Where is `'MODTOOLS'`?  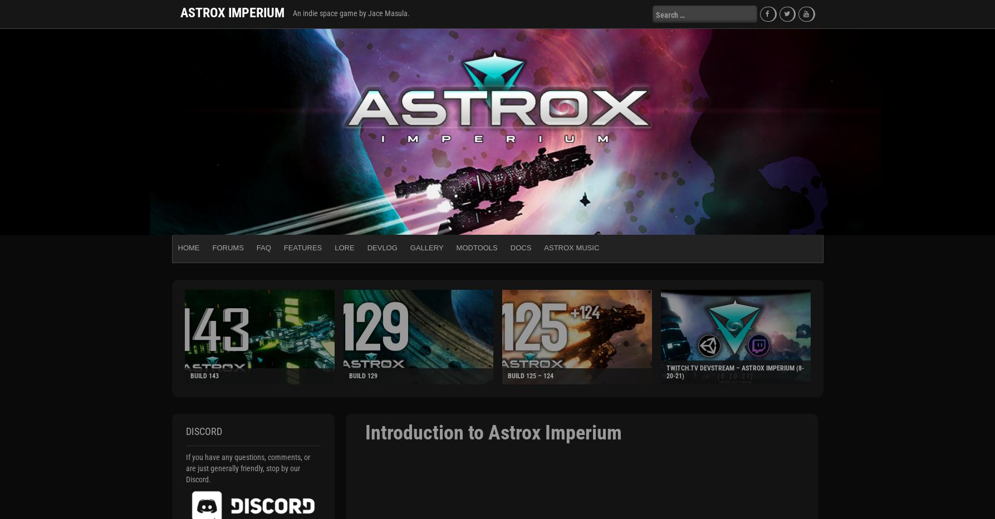 'MODTOOLS' is located at coordinates (476, 247).